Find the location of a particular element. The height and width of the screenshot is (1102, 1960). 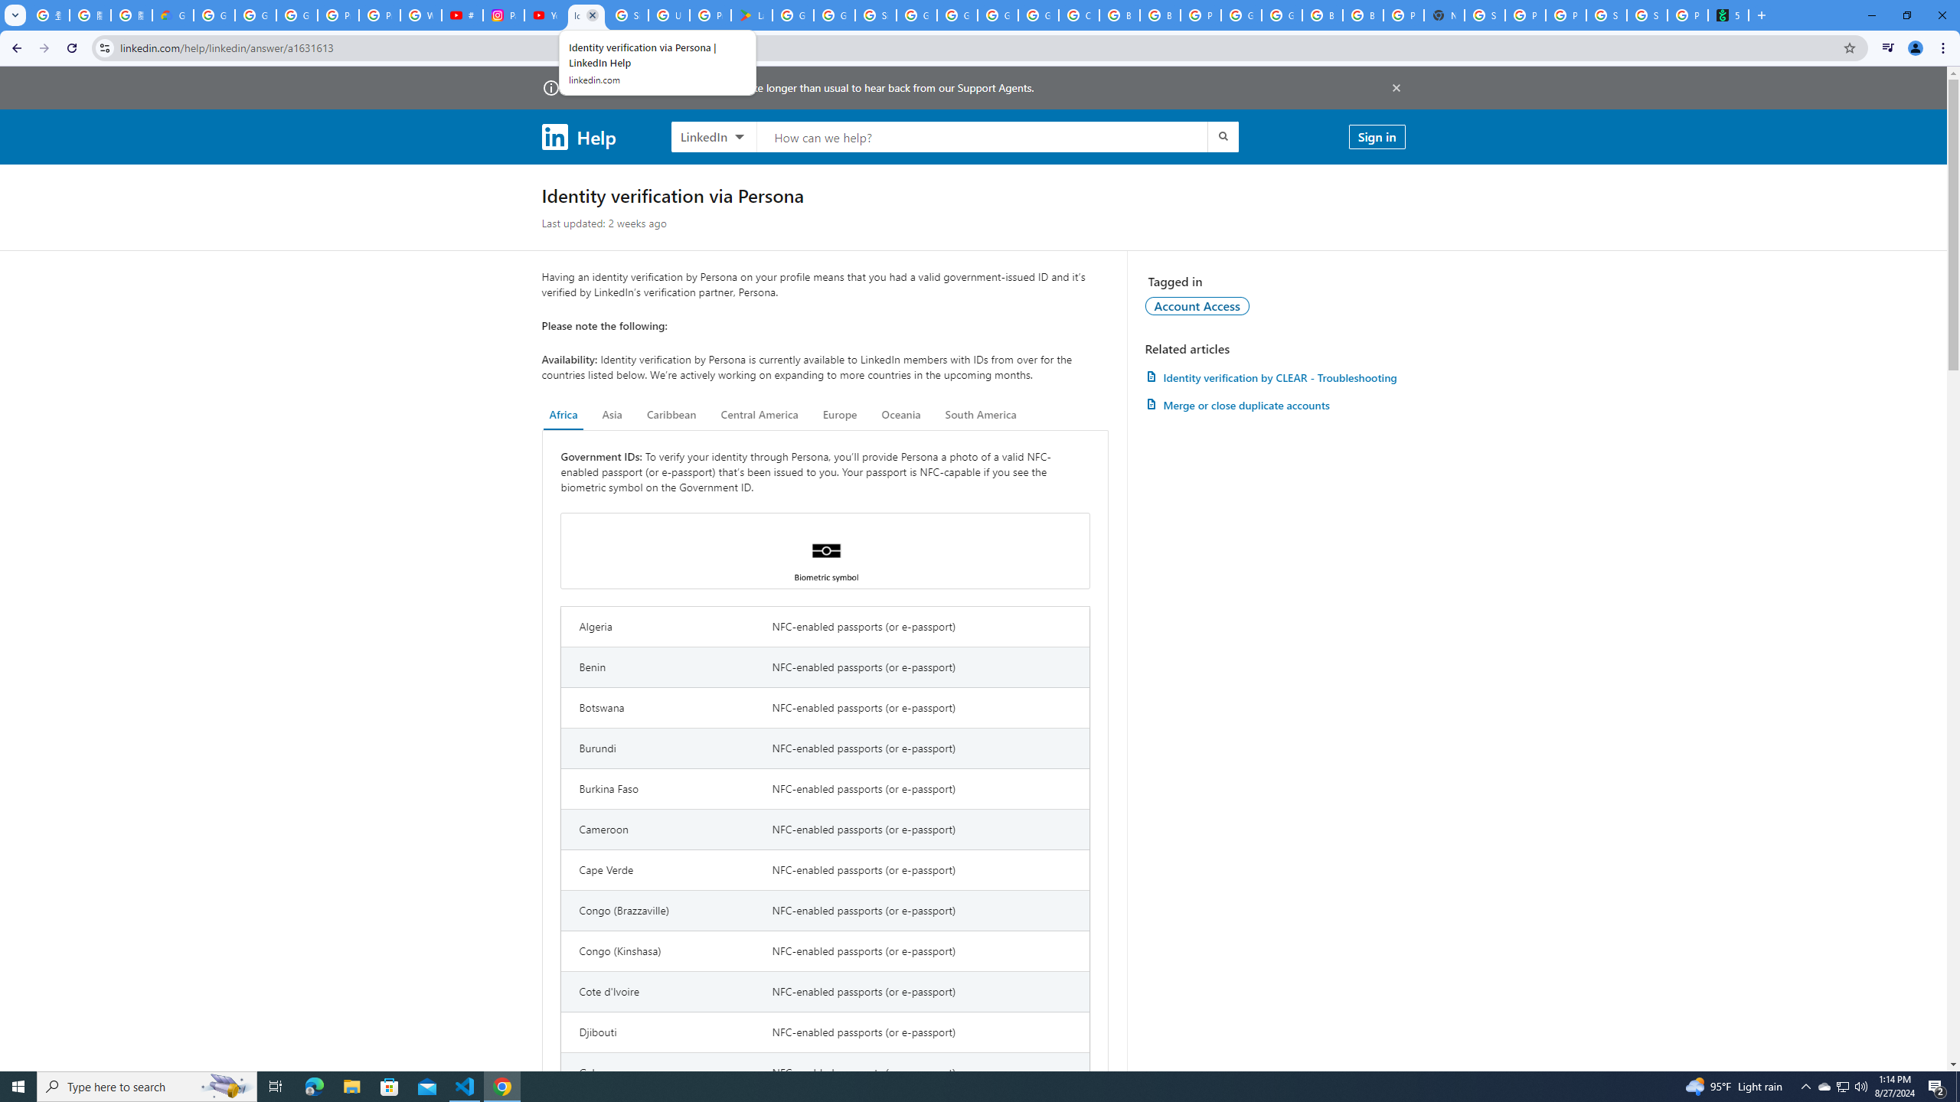

'You' is located at coordinates (1916, 47).